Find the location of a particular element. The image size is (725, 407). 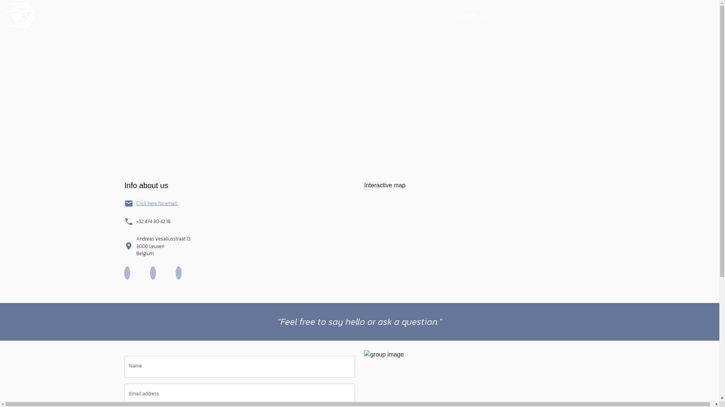

'Home' is located at coordinates (284, 15).